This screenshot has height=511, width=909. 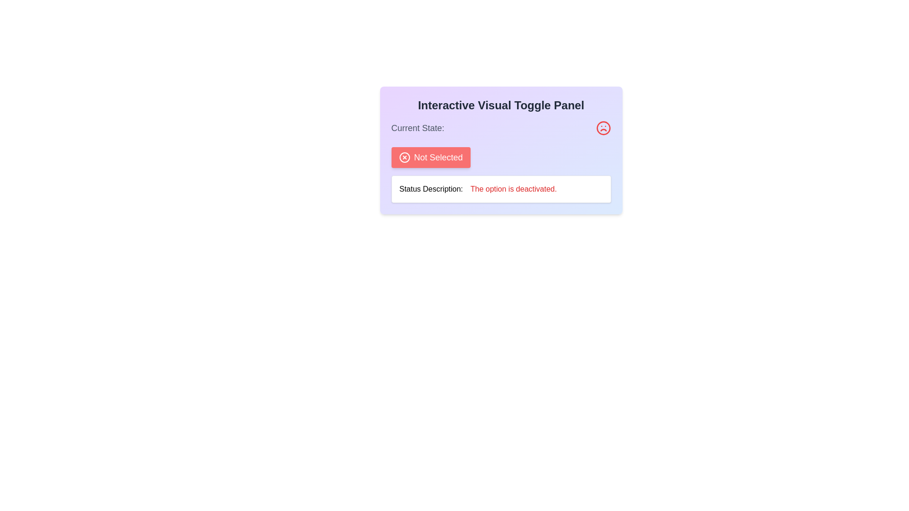 What do you see at coordinates (500, 106) in the screenshot?
I see `header text 'Interactive Visual Toggle Panel' located at the top of the gradient background card, which is bold and large-sized in gray color` at bounding box center [500, 106].